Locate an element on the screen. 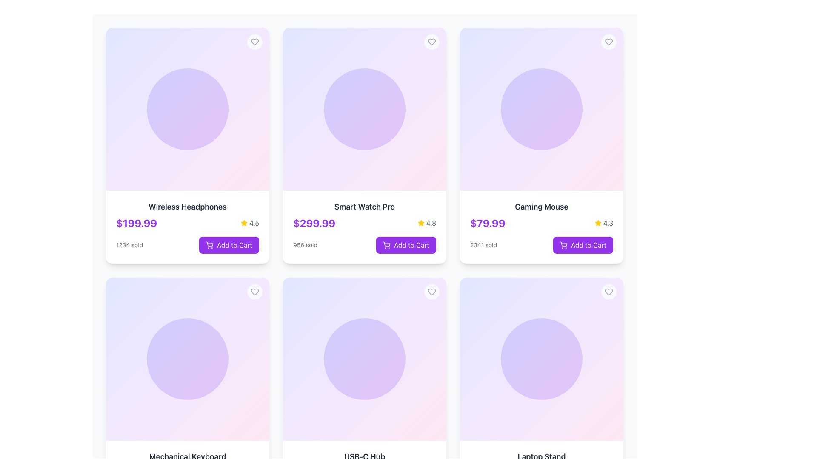  price displayed on the text label located beneath the product title in the 'Smart Watch Pro' card is located at coordinates (314, 222).